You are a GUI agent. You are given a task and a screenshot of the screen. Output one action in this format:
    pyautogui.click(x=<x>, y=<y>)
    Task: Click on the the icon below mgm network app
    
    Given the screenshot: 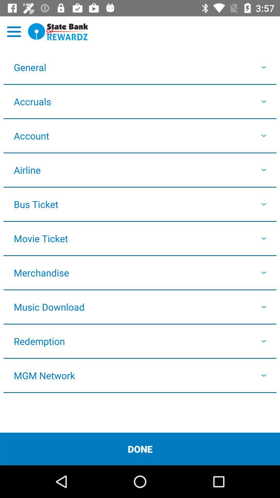 What is the action you would take?
    pyautogui.click(x=140, y=449)
    